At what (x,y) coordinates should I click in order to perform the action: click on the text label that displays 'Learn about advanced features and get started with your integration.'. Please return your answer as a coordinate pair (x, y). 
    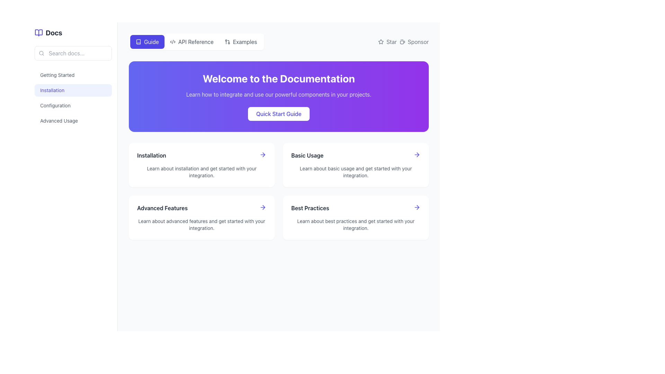
    Looking at the image, I should click on (201, 224).